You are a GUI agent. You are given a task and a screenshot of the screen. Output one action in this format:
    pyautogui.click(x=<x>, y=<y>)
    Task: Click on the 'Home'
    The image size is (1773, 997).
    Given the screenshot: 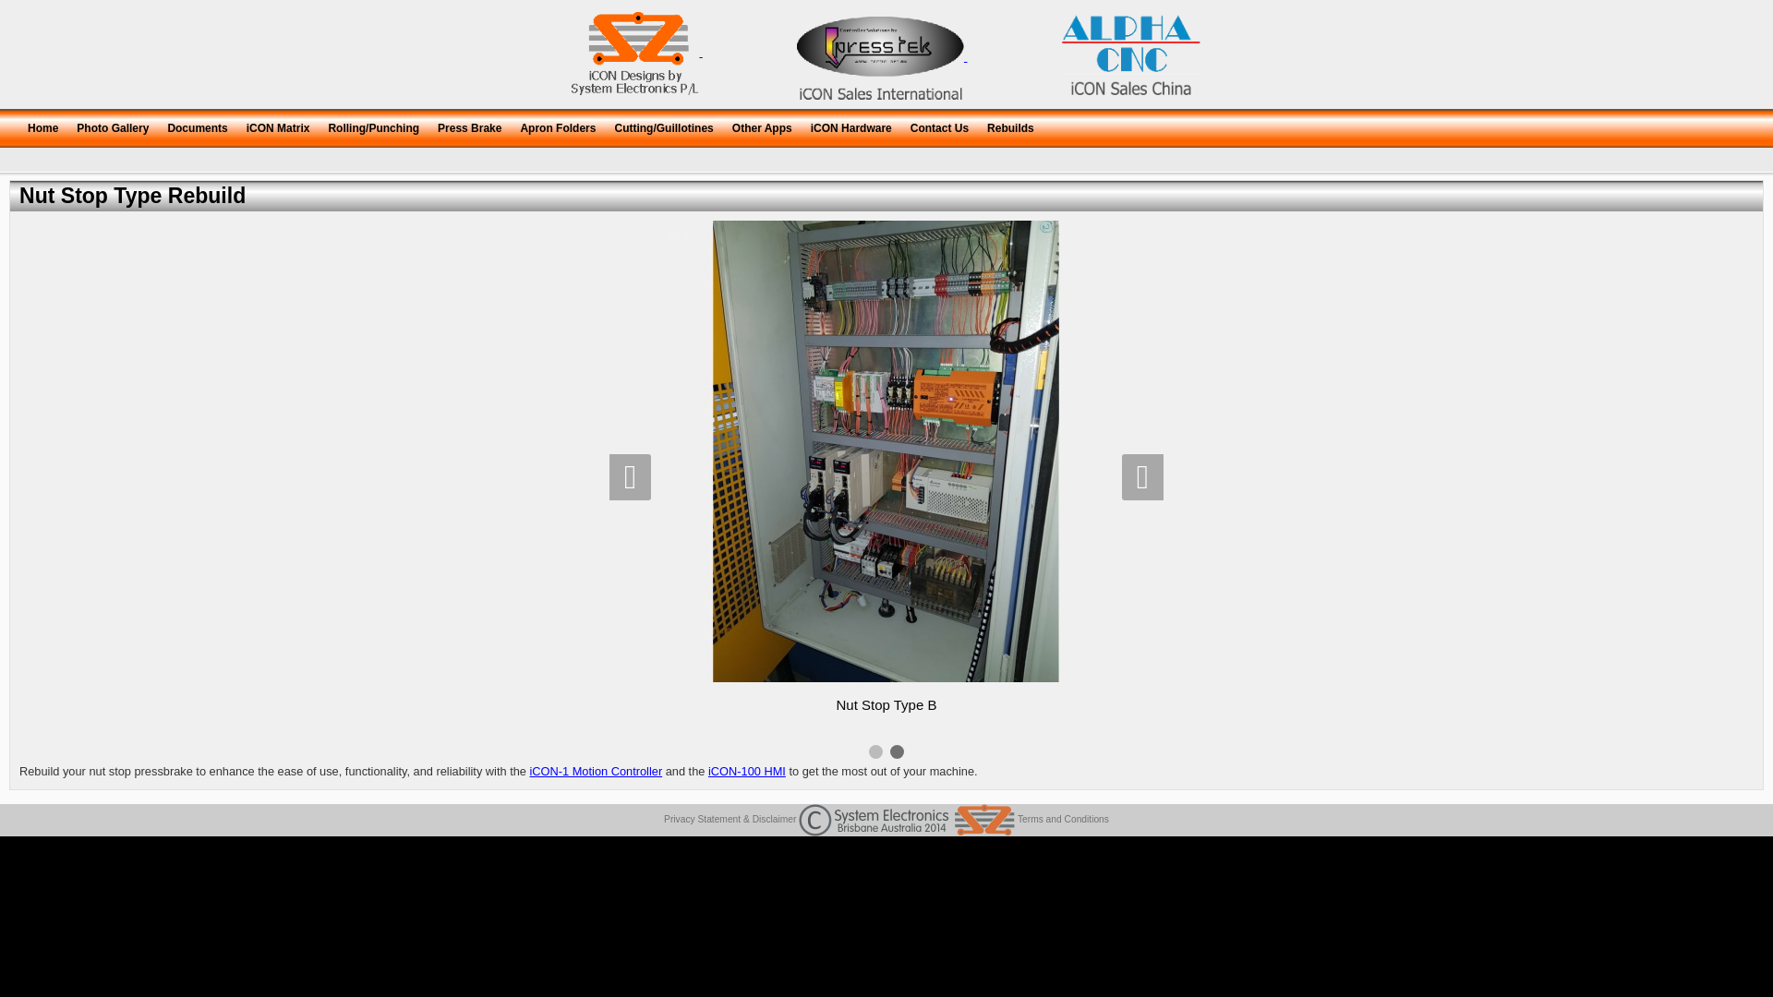 What is the action you would take?
    pyautogui.click(x=42, y=125)
    